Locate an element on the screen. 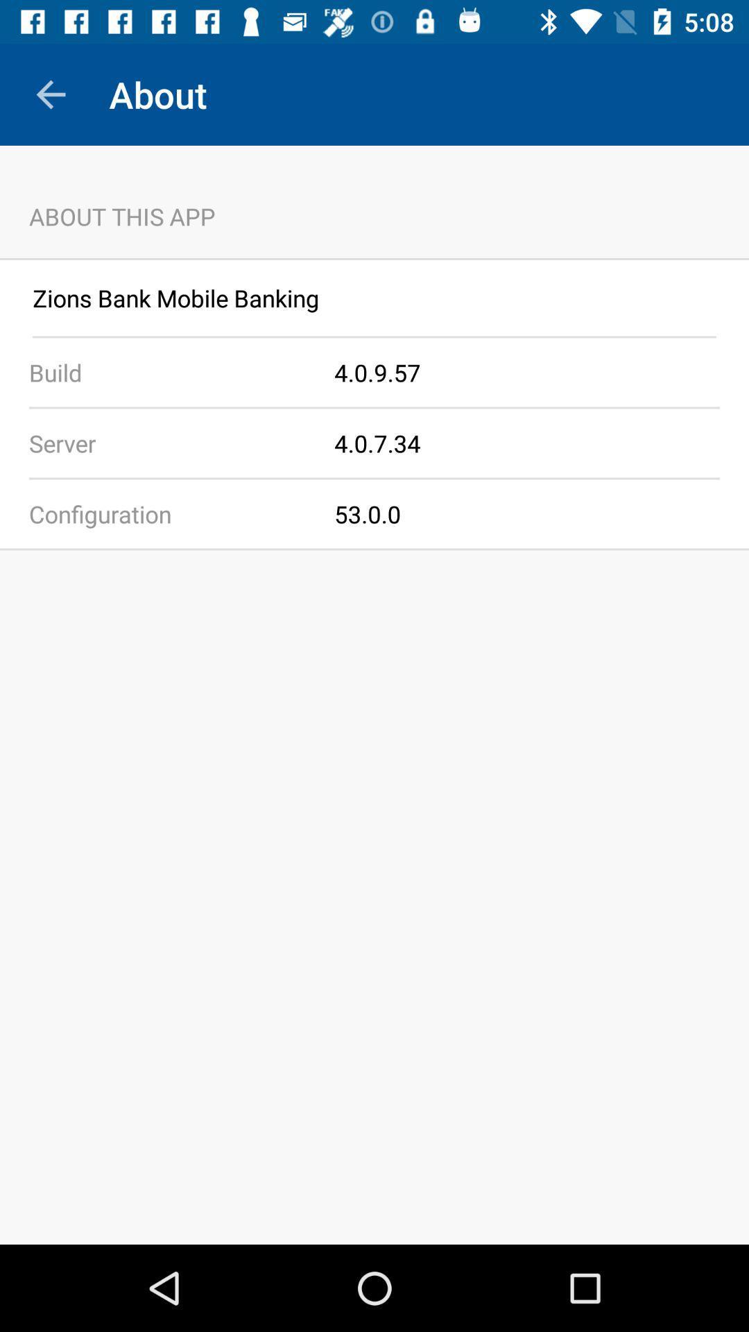 Image resolution: width=749 pixels, height=1332 pixels. server is located at coordinates (166, 442).